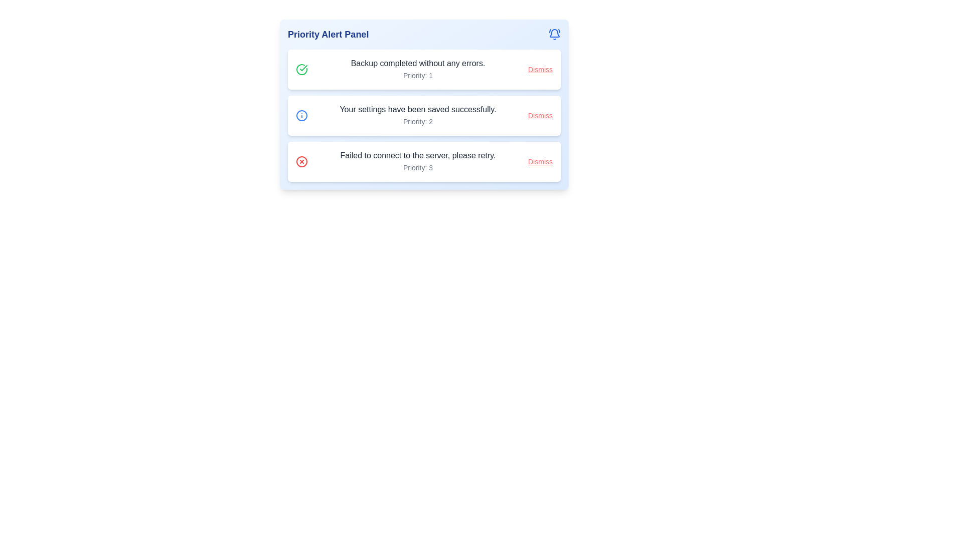 The height and width of the screenshot is (541, 963). I want to click on the success icon within the 'Priority Alert Panel' that indicates 'Backup completed without any errors.', so click(303, 68).